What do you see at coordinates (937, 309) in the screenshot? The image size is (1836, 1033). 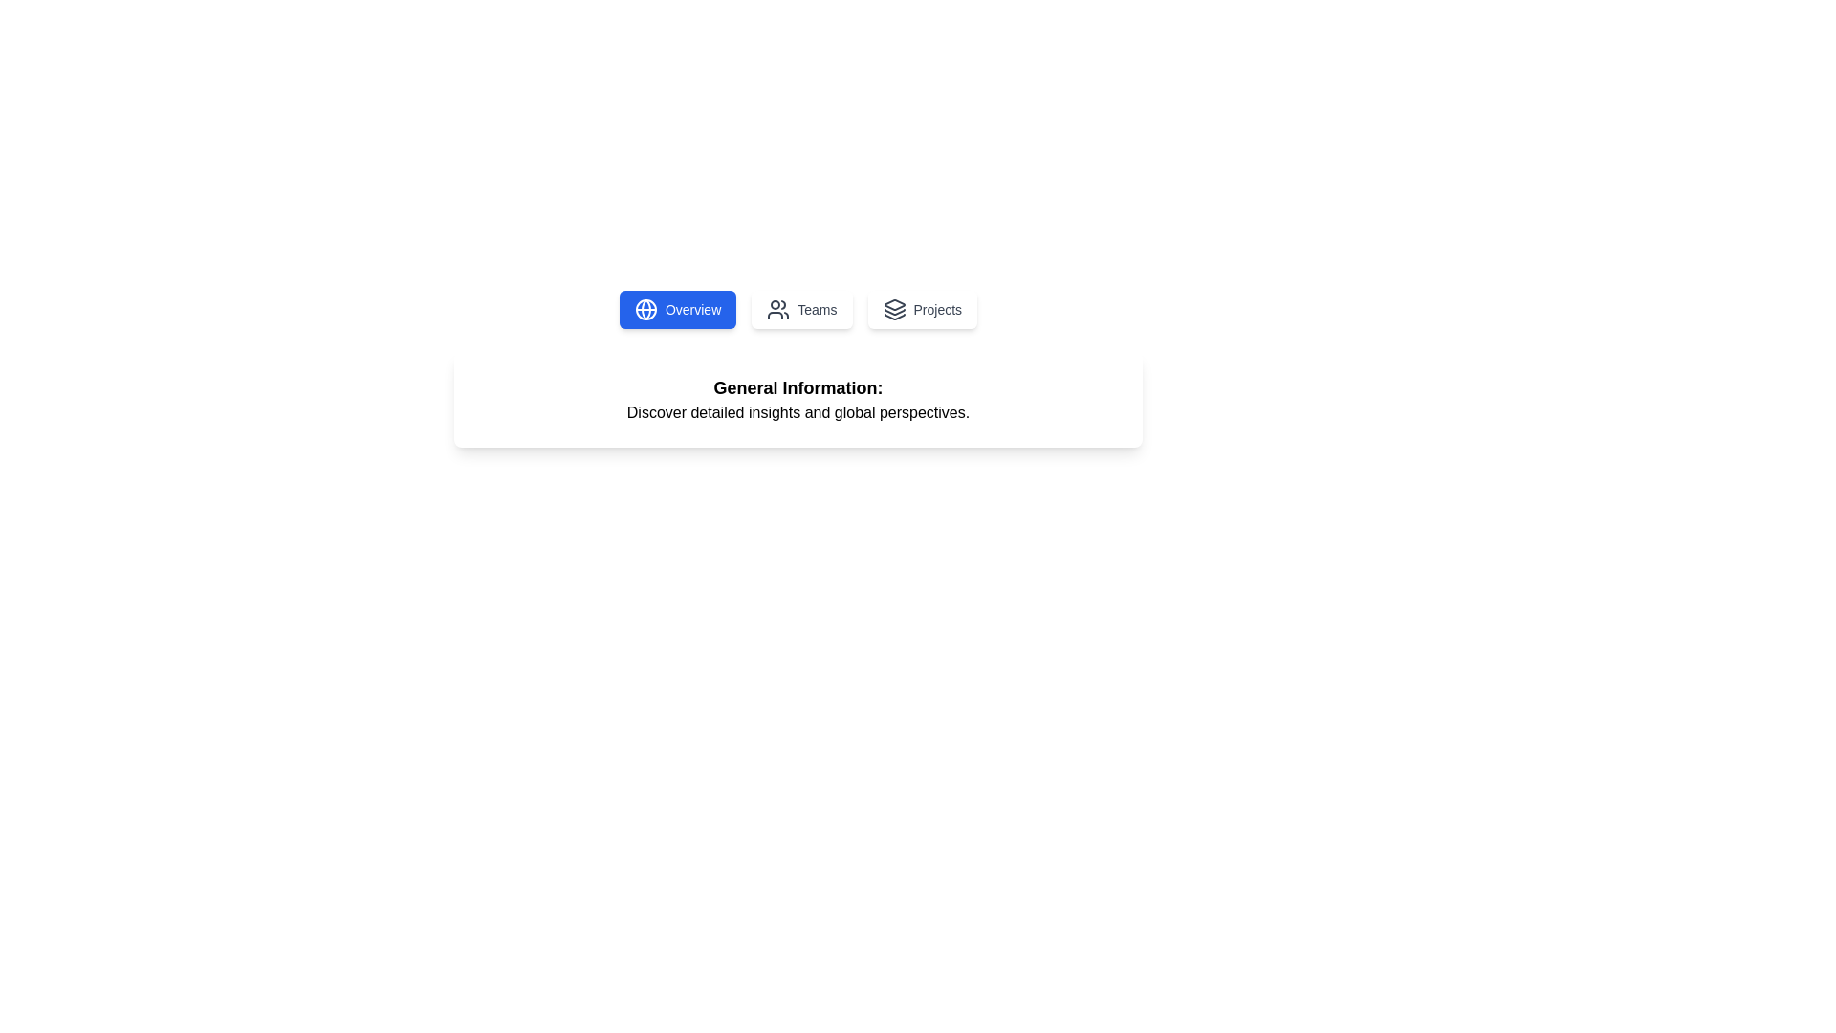 I see `text label that indicates the functionality of the 'Projects' button in the navigation menu, which is located inside the third button, to the right of 'Teams'` at bounding box center [937, 309].